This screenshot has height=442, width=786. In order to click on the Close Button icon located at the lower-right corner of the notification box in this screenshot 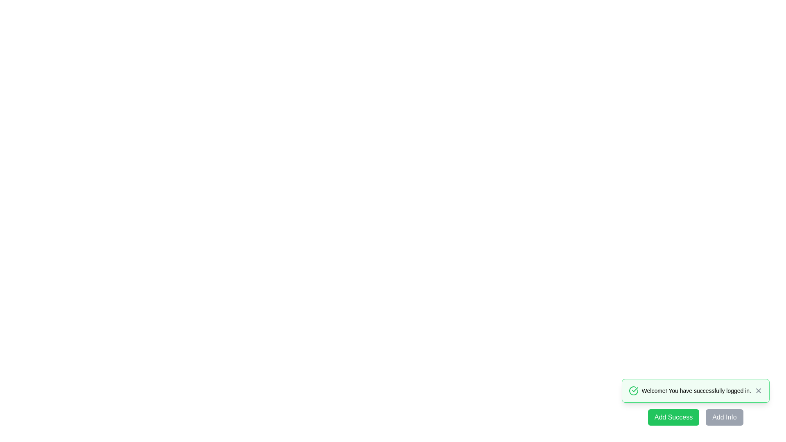, I will do `click(758, 390)`.